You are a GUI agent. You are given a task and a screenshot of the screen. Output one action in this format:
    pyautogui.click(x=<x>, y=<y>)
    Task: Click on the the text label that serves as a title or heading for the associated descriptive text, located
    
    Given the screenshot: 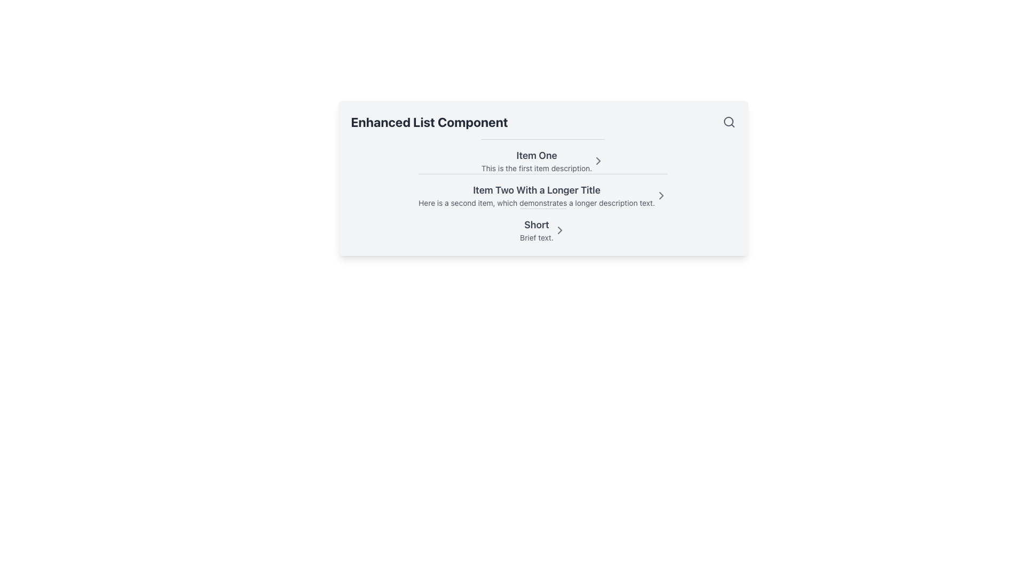 What is the action you would take?
    pyautogui.click(x=537, y=224)
    